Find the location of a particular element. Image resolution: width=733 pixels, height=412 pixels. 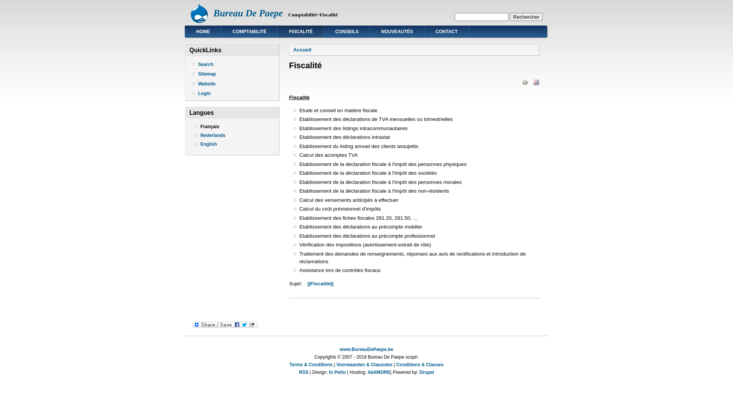

'Afficher une version imprimable de cette page.' is located at coordinates (524, 82).